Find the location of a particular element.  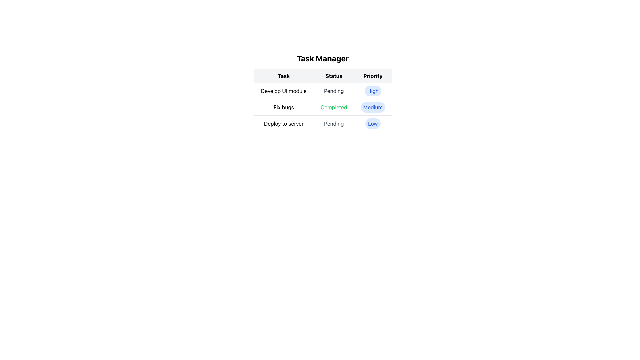

the 'Low' pill-shaped text label is located at coordinates (372, 123).